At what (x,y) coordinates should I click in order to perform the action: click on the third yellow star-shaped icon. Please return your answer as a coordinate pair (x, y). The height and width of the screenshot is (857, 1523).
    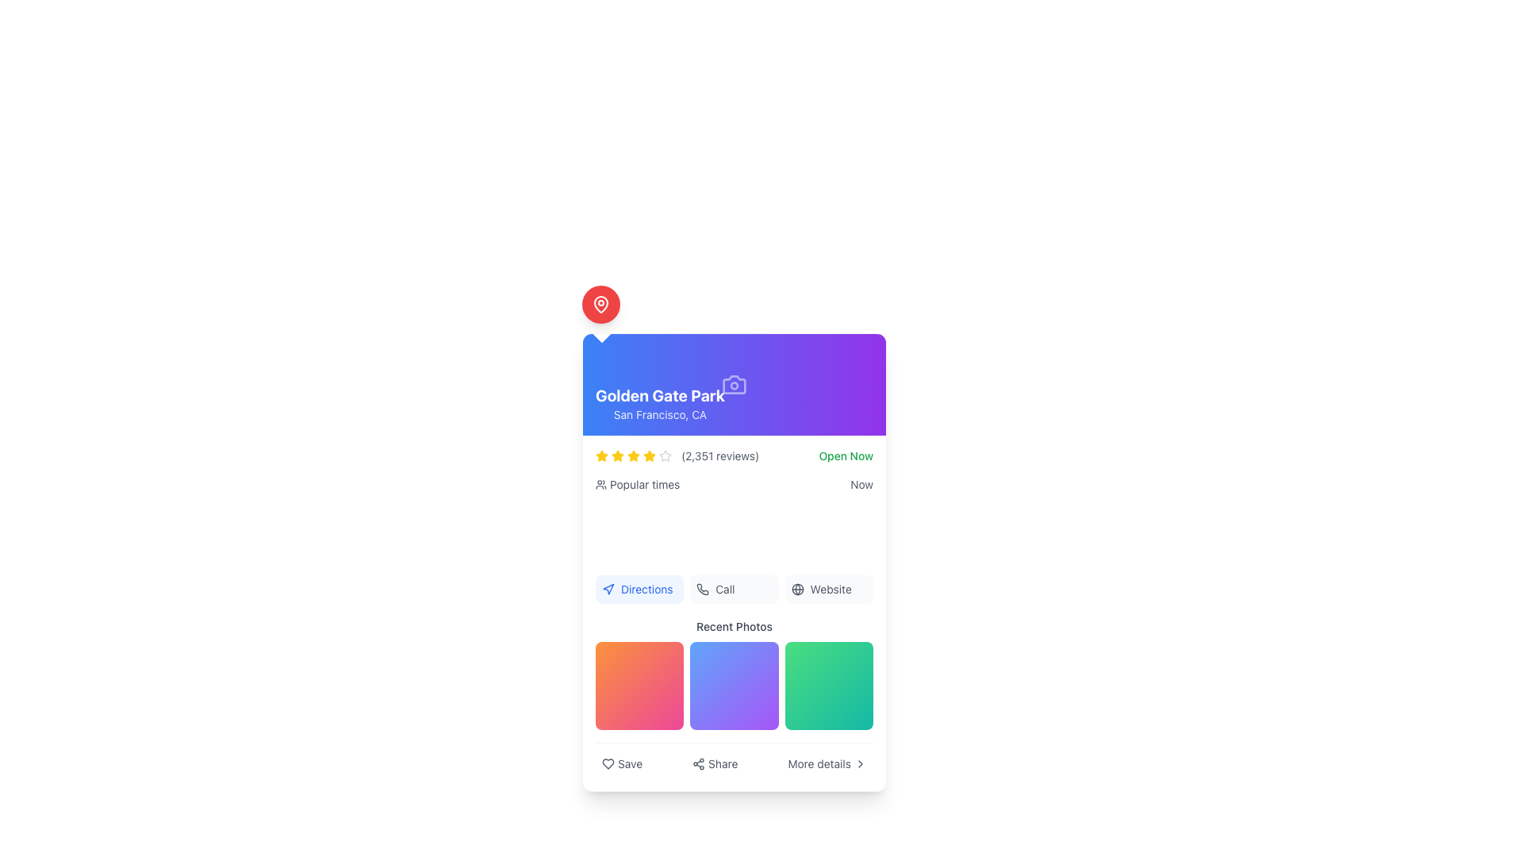
    Looking at the image, I should click on (600, 455).